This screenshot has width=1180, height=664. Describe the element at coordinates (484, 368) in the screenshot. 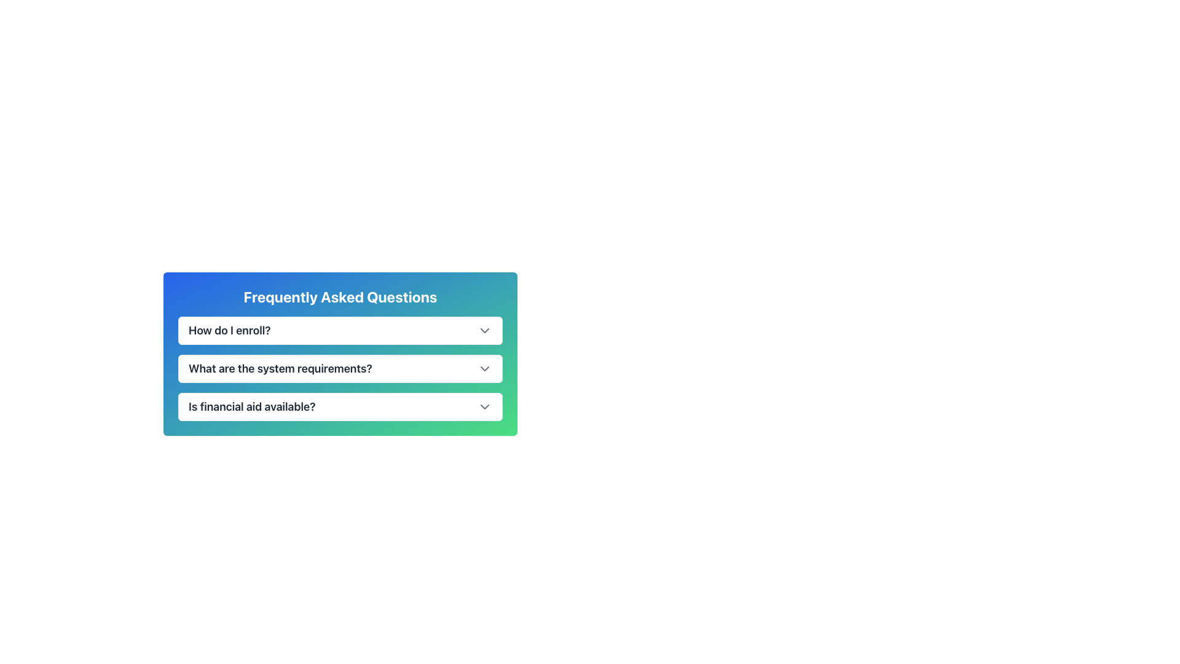

I see `the Dropdown Chevron Icon located to the right of the question text 'What are the system requirements?'` at that location.